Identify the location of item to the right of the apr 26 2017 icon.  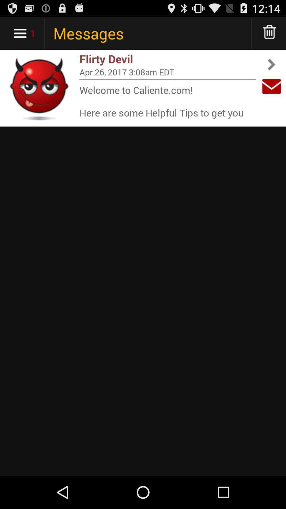
(271, 86).